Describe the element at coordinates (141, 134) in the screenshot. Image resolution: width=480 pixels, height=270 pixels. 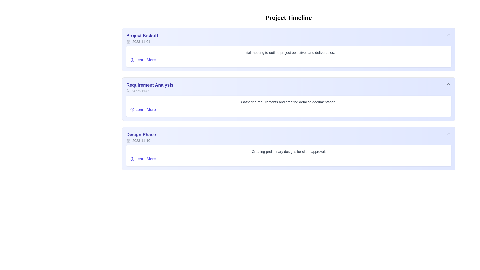
I see `the Text Label that serves as the primary identifier for the 'Design Phase' in the timeline layout` at that location.